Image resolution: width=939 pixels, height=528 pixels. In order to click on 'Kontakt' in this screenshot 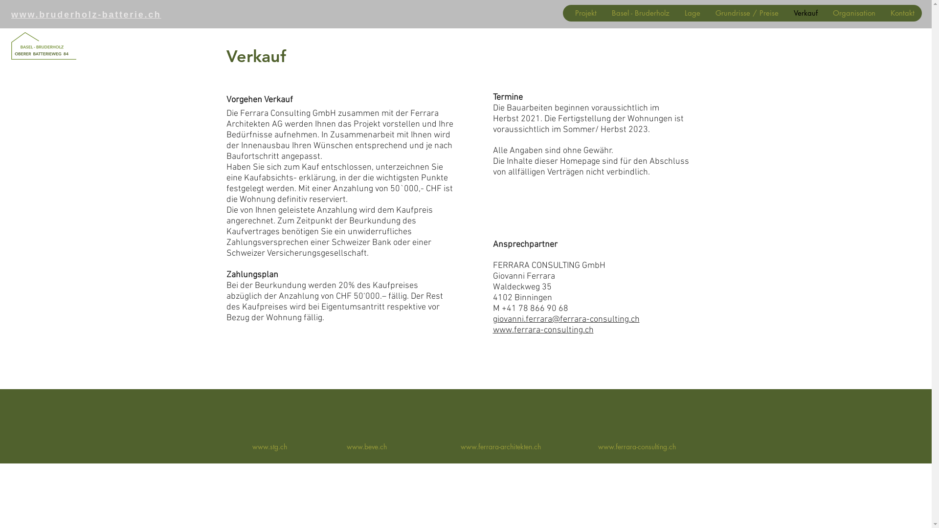, I will do `click(901, 13)`.